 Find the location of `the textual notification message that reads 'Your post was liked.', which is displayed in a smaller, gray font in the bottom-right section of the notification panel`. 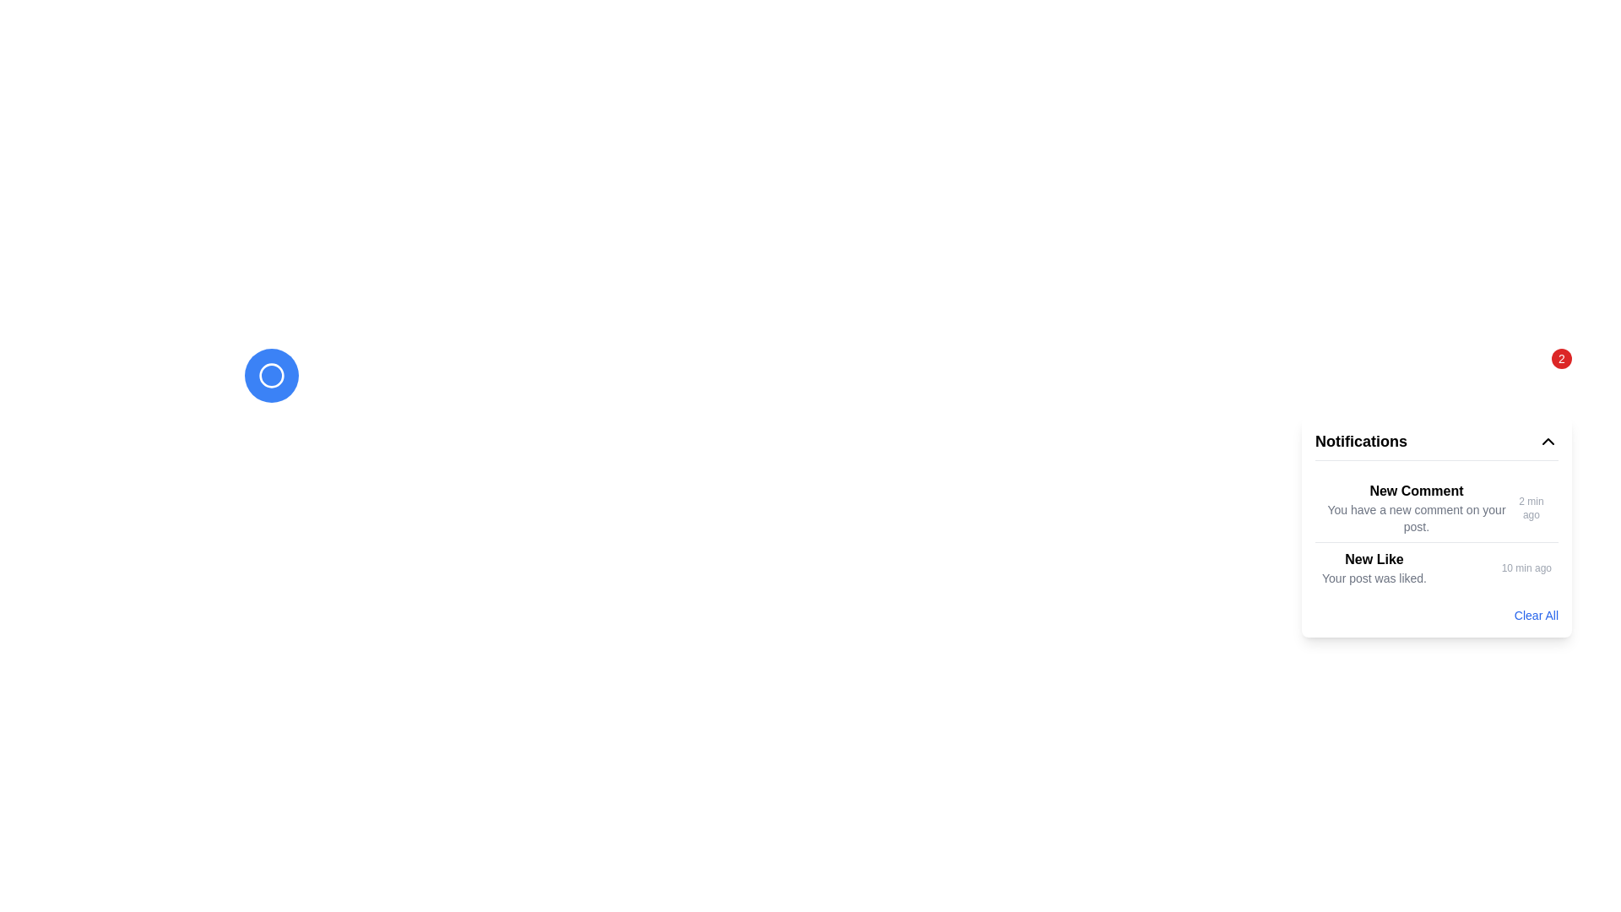

the textual notification message that reads 'Your post was liked.', which is displayed in a smaller, gray font in the bottom-right section of the notification panel is located at coordinates (1374, 578).